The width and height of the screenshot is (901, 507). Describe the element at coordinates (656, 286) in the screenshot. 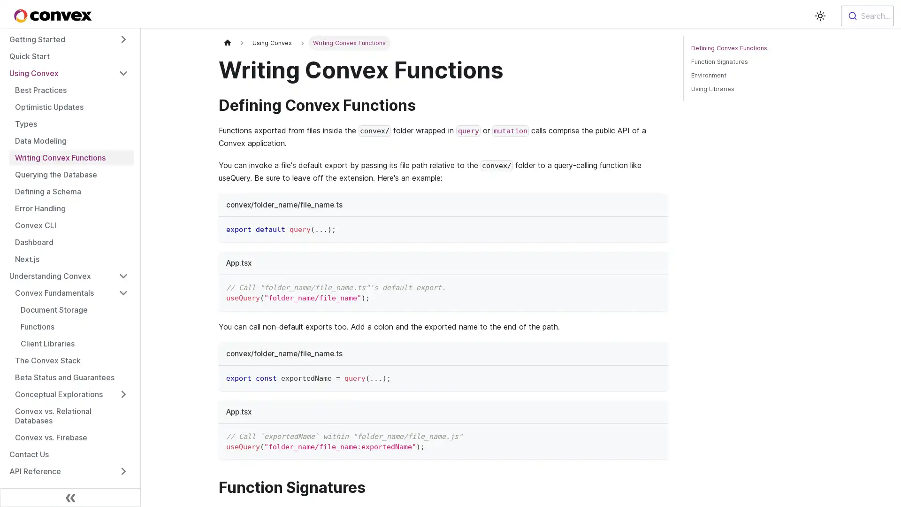

I see `Copy code to clipboard` at that location.